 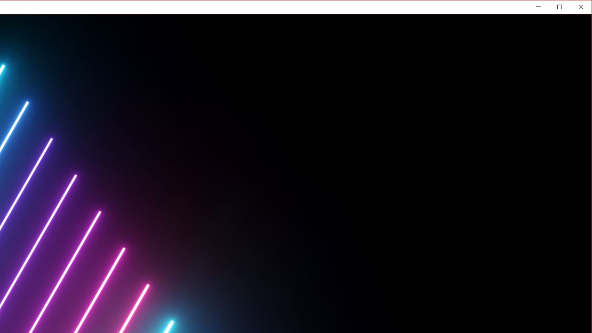 What do you see at coordinates (562, 9) in the screenshot?
I see `'Minimize'` at bounding box center [562, 9].